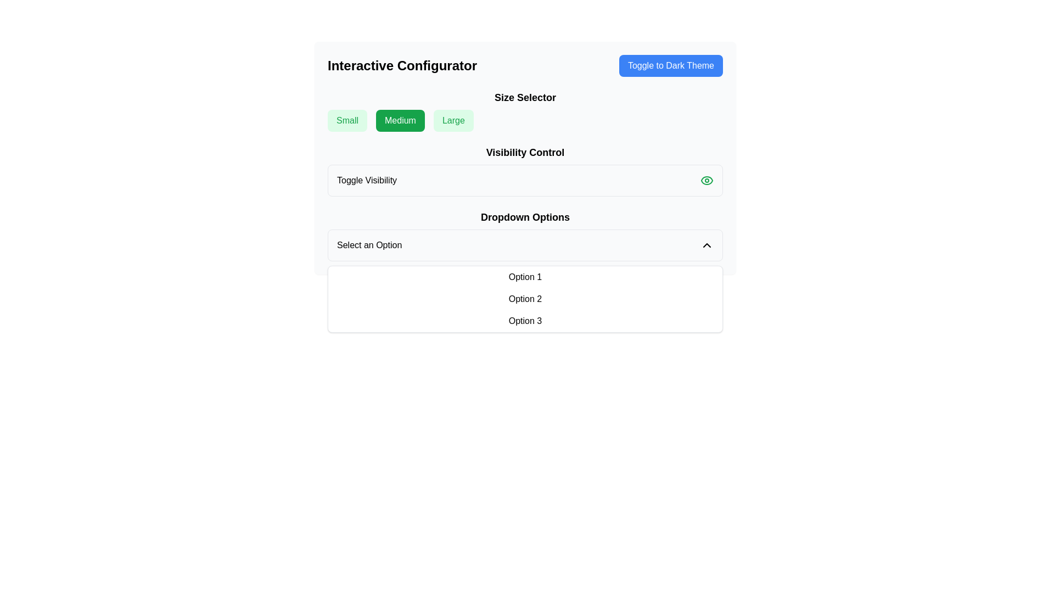 The image size is (1054, 593). What do you see at coordinates (347, 120) in the screenshot?
I see `the leftmost button in the 'Size Selector' section` at bounding box center [347, 120].